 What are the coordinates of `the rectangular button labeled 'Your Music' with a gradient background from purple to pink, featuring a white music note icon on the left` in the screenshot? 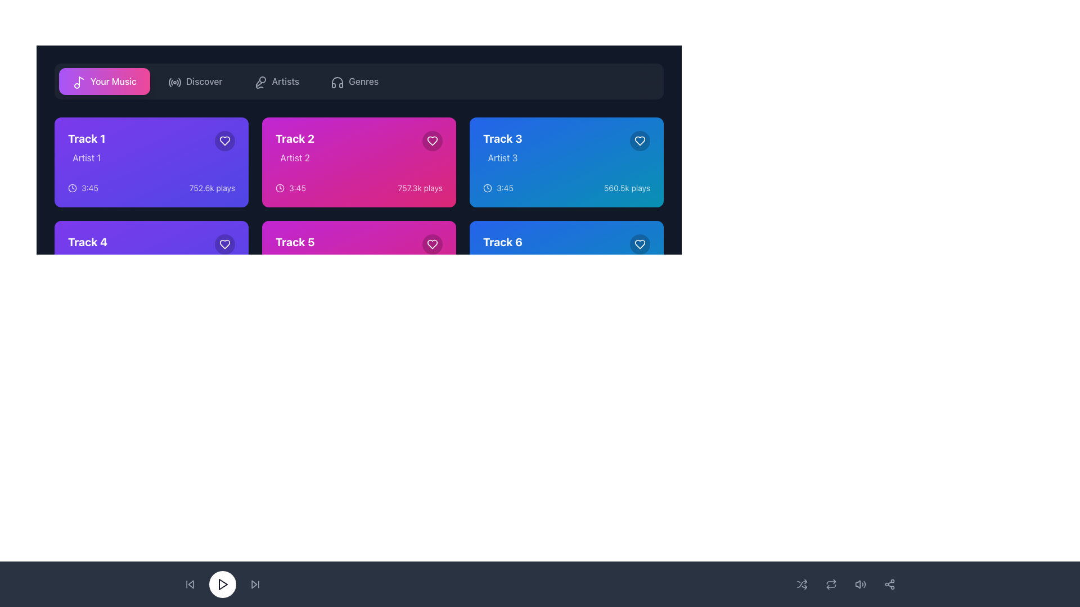 It's located at (104, 81).